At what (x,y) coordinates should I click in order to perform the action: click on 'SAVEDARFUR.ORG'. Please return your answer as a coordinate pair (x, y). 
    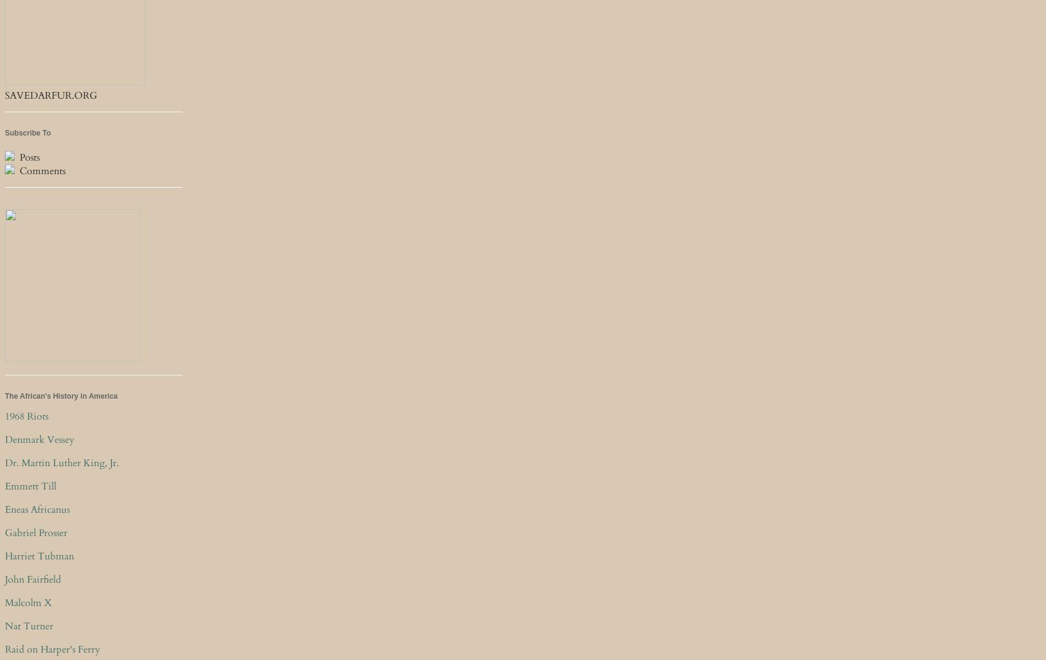
    Looking at the image, I should click on (51, 96).